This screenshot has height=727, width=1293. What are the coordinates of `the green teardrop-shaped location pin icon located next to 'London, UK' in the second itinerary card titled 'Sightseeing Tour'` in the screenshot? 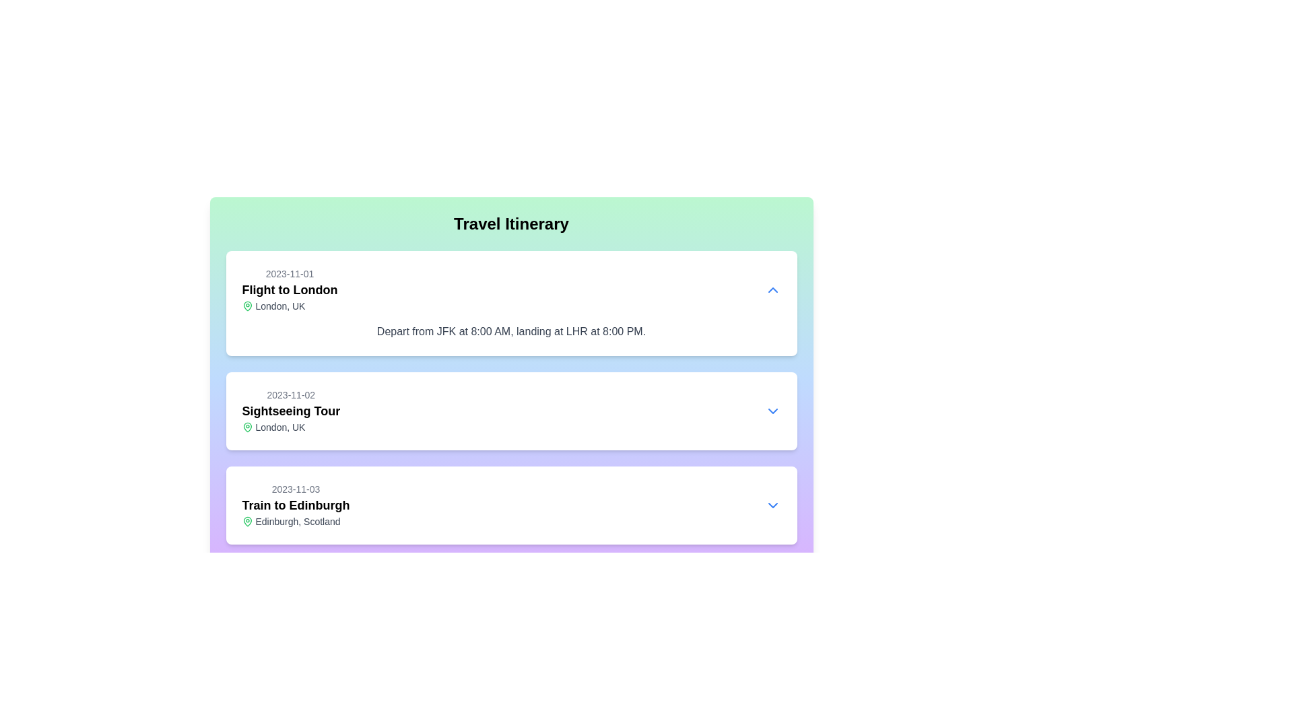 It's located at (247, 427).